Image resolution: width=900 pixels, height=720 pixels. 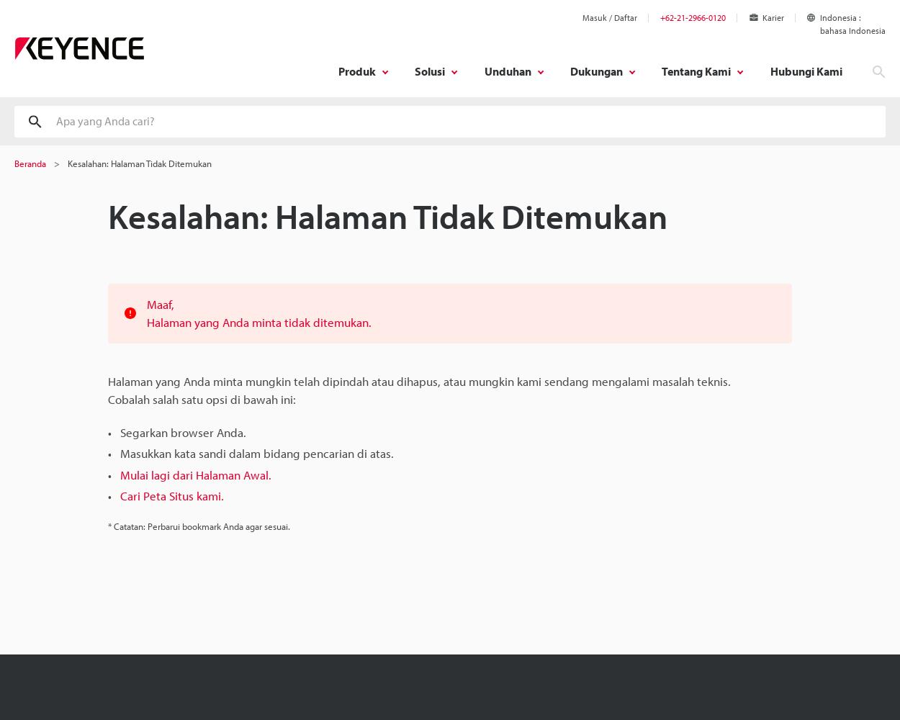 I want to click on 'Cari Peta Situs kami.', so click(x=171, y=495).